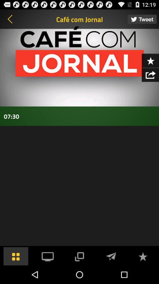 Image resolution: width=159 pixels, height=284 pixels. What do you see at coordinates (79, 256) in the screenshot?
I see `screen share option` at bounding box center [79, 256].